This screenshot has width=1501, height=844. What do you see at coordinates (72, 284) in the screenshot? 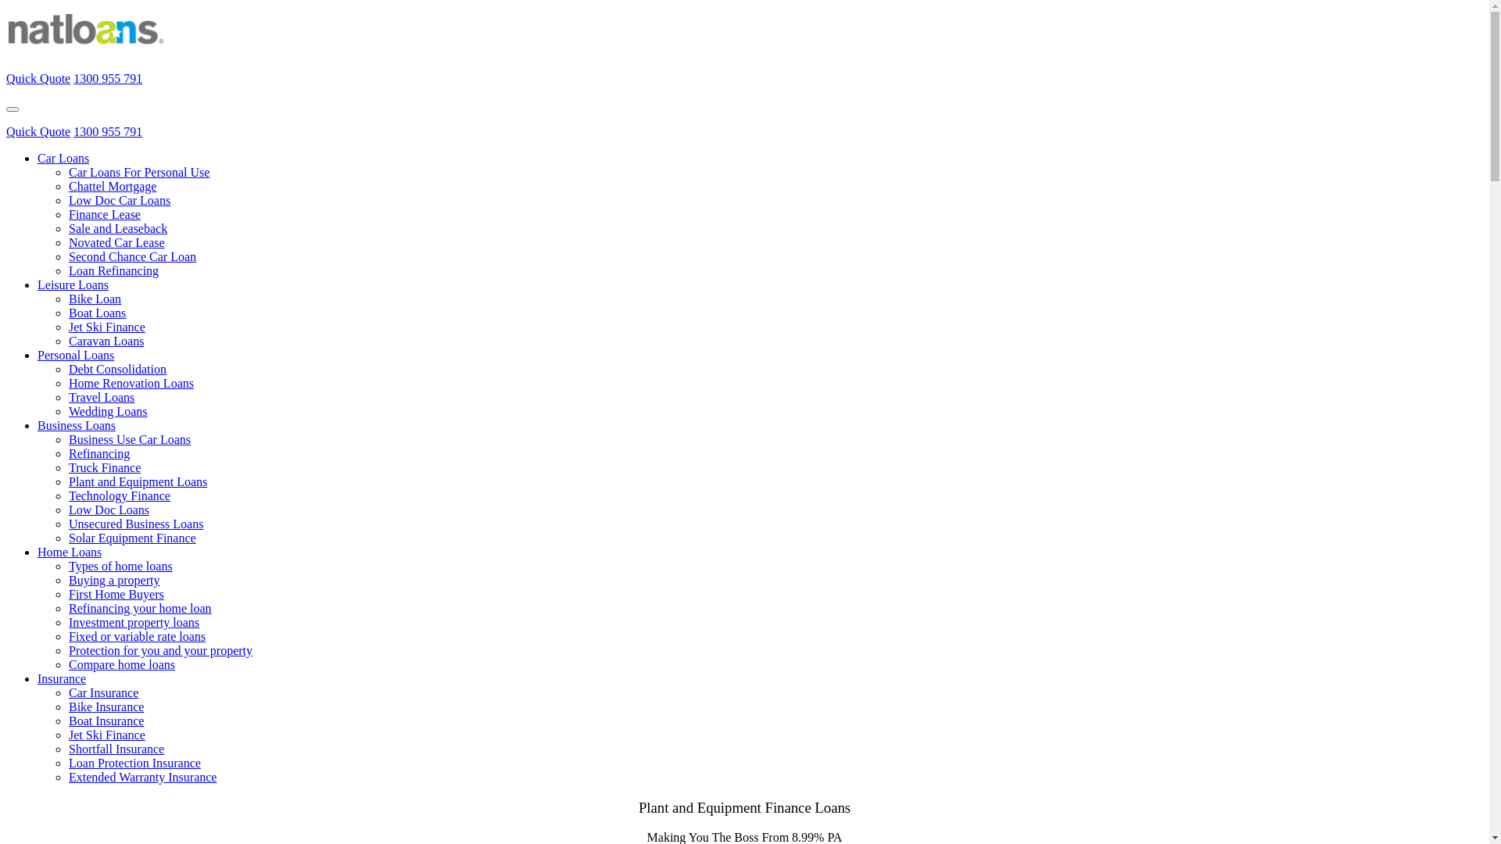
I see `'Leisure Loans'` at bounding box center [72, 284].